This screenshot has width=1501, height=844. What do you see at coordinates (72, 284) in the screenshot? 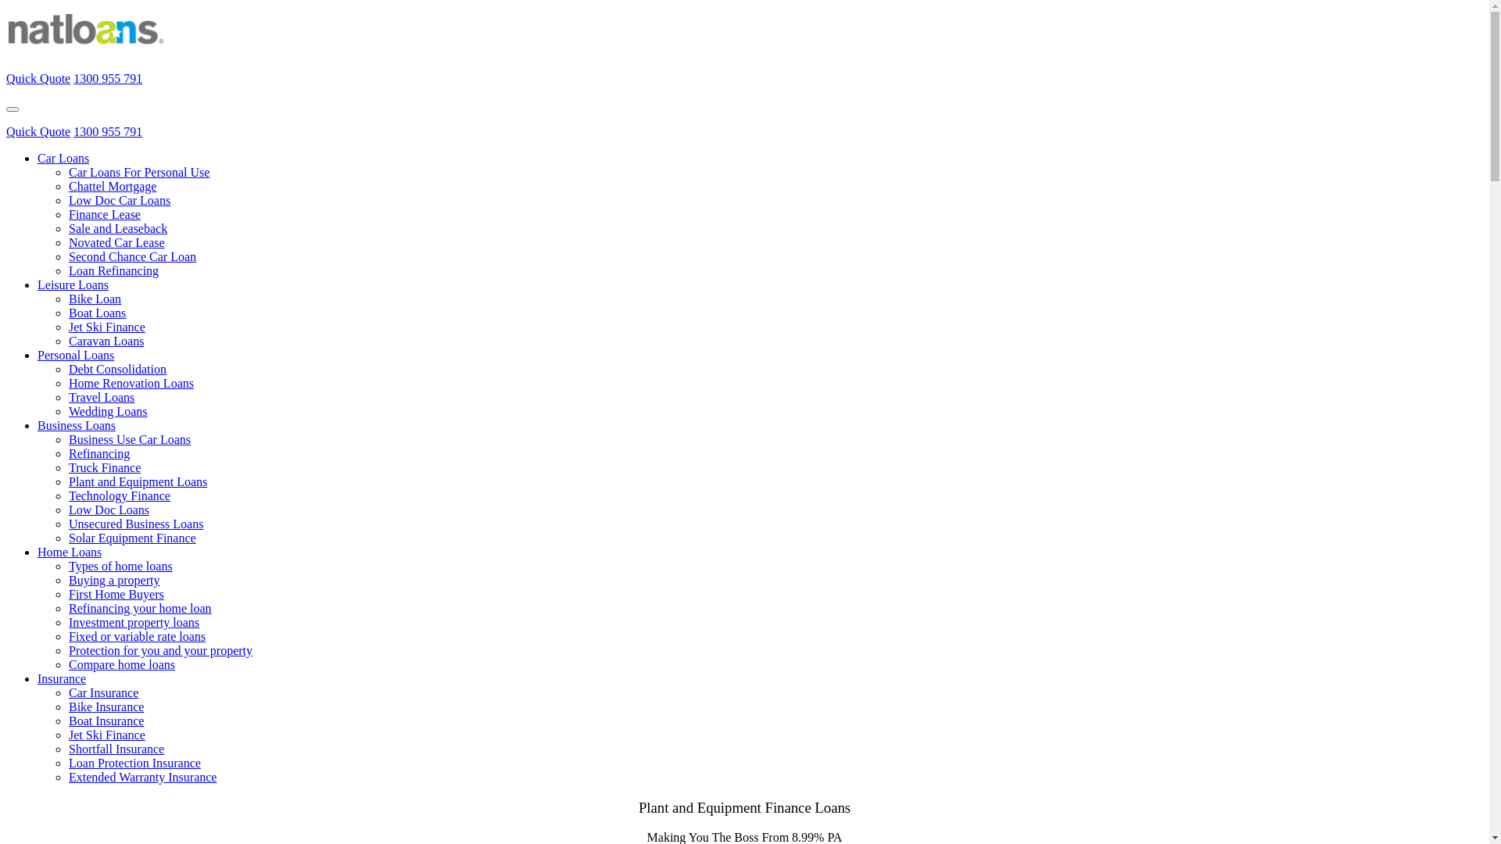
I see `'Leisure Loans'` at bounding box center [72, 284].